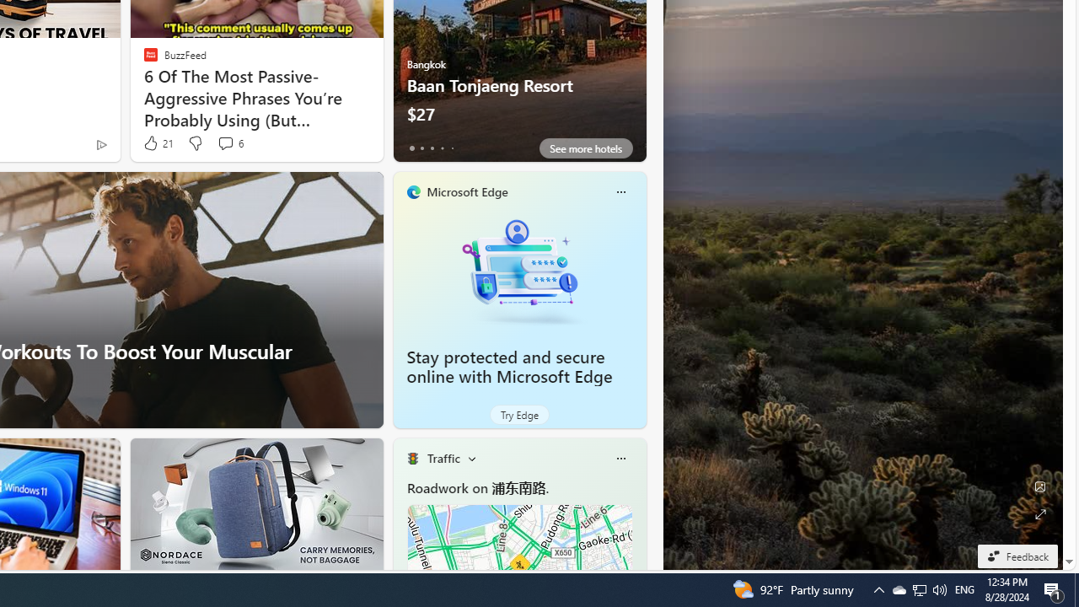 This screenshot has height=607, width=1079. Describe the element at coordinates (1039, 513) in the screenshot. I see `'Expand background'` at that location.